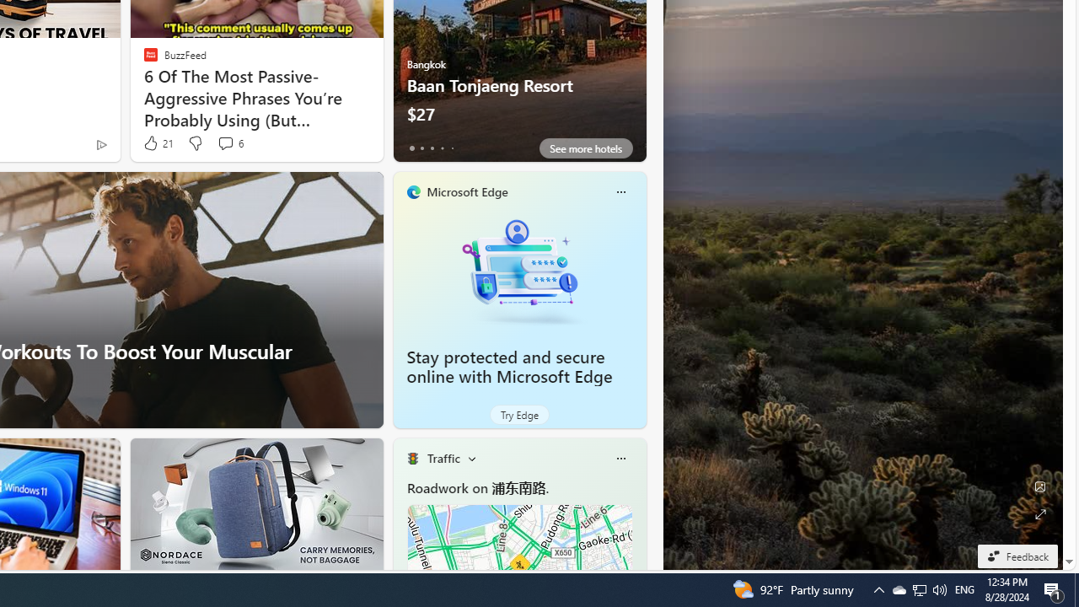 This screenshot has height=607, width=1079. Describe the element at coordinates (1039, 513) in the screenshot. I see `'Expand background'` at that location.